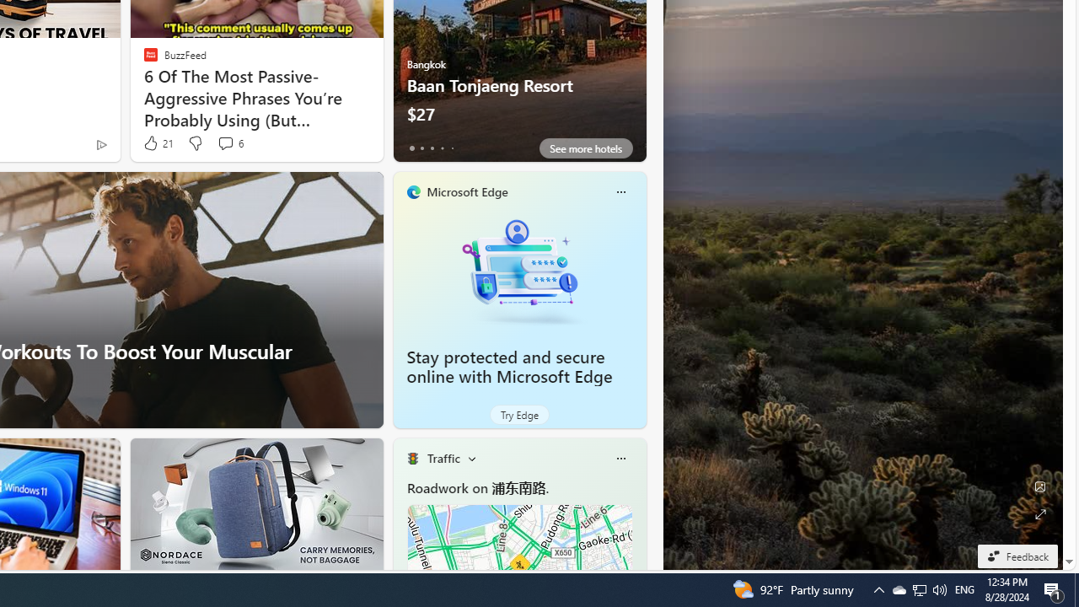 This screenshot has height=607, width=1079. Describe the element at coordinates (1039, 513) in the screenshot. I see `'Expand background'` at that location.